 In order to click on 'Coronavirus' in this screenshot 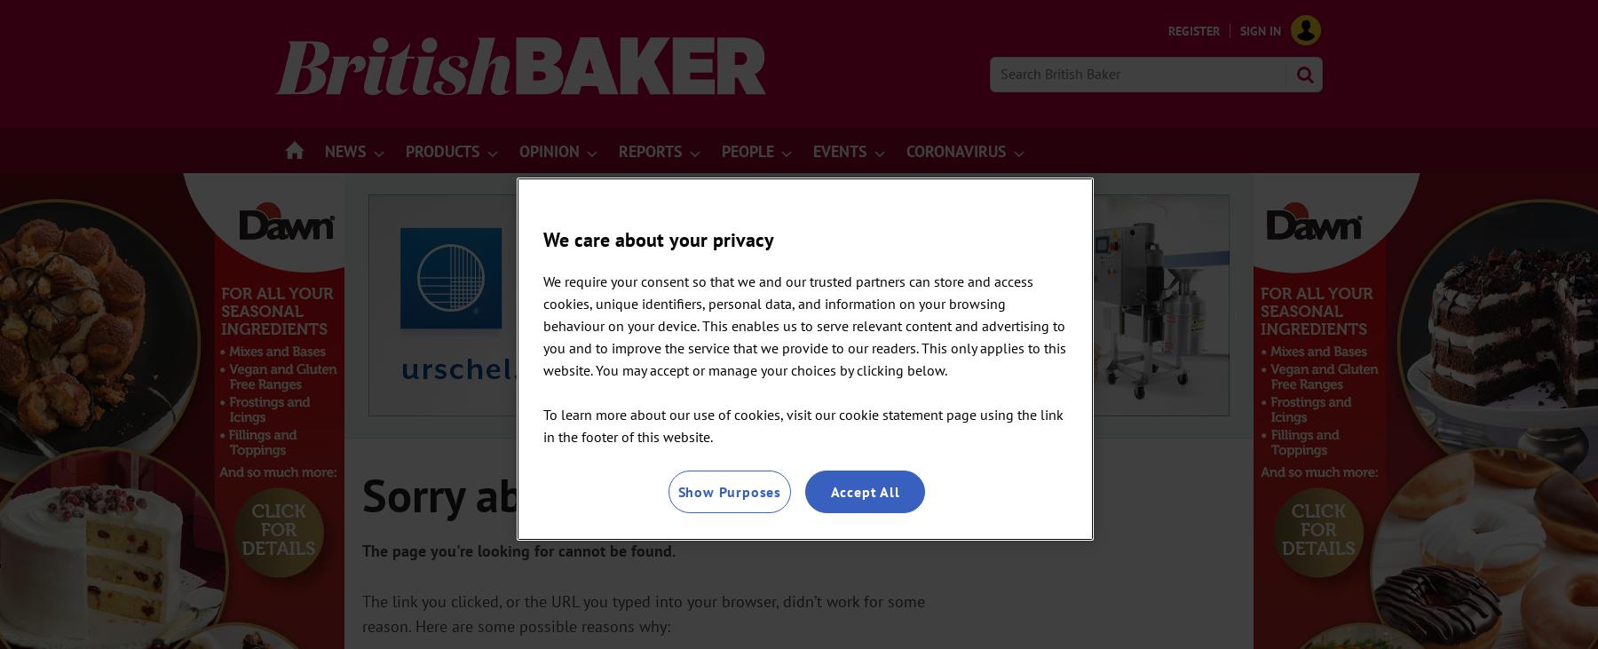, I will do `click(906, 151)`.